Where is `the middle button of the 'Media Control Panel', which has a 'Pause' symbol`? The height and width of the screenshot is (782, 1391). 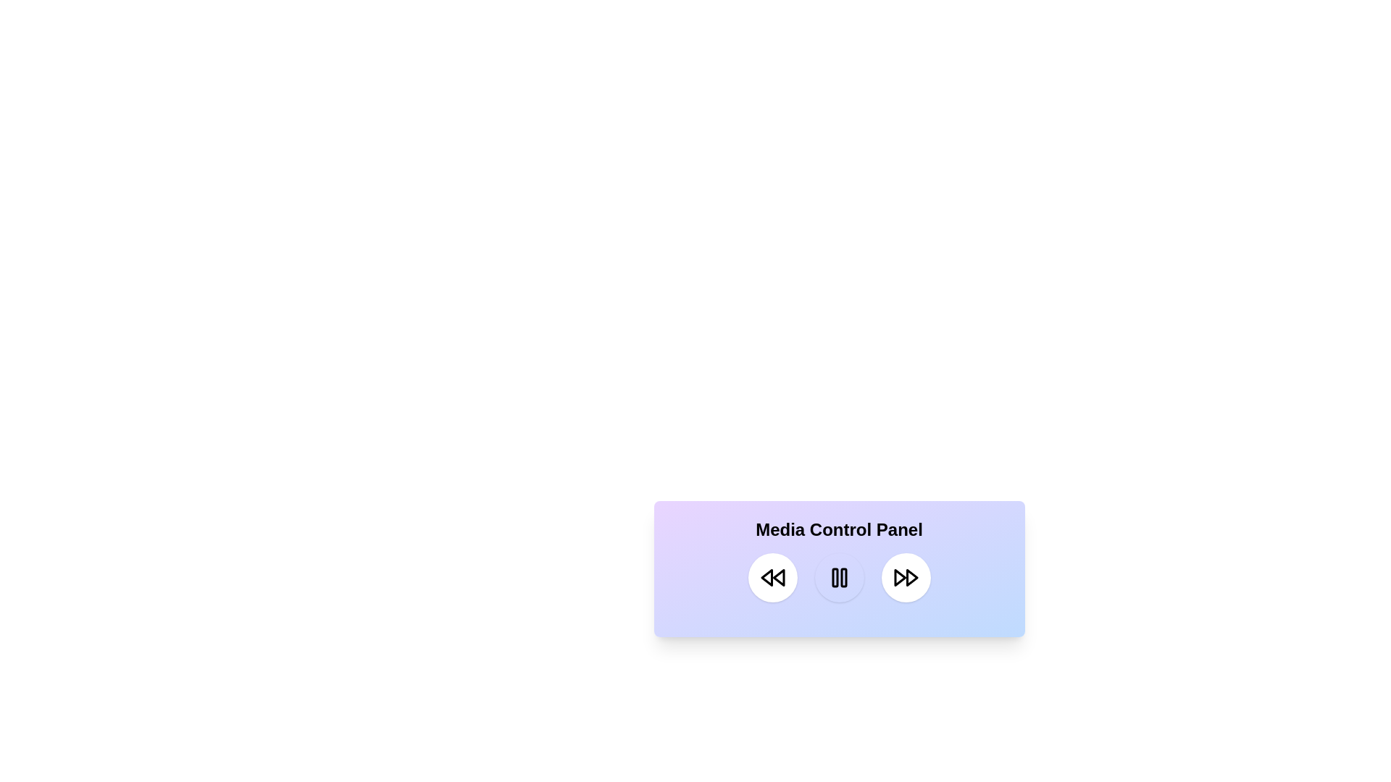
the middle button of the 'Media Control Panel', which has a 'Pause' symbol is located at coordinates (839, 577).